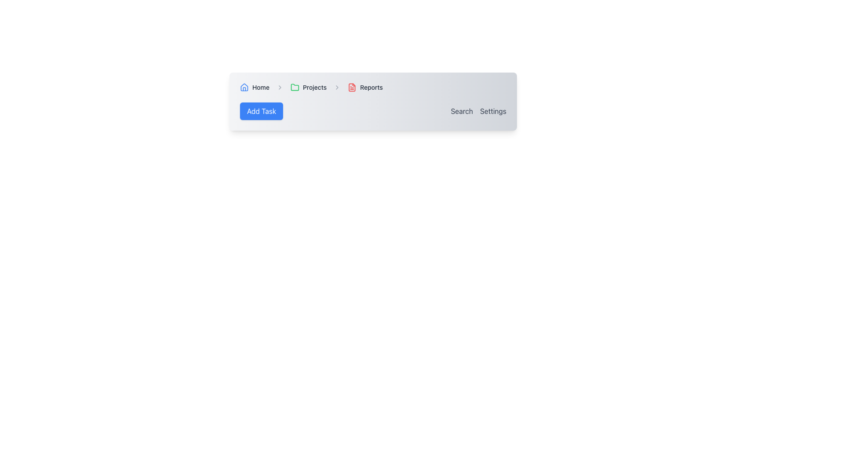 The image size is (844, 475). What do you see at coordinates (295, 87) in the screenshot?
I see `the green SVG icon fragment representing a folder in the breadcrumb navigation, located to the left of the 'Projects' text link` at bounding box center [295, 87].